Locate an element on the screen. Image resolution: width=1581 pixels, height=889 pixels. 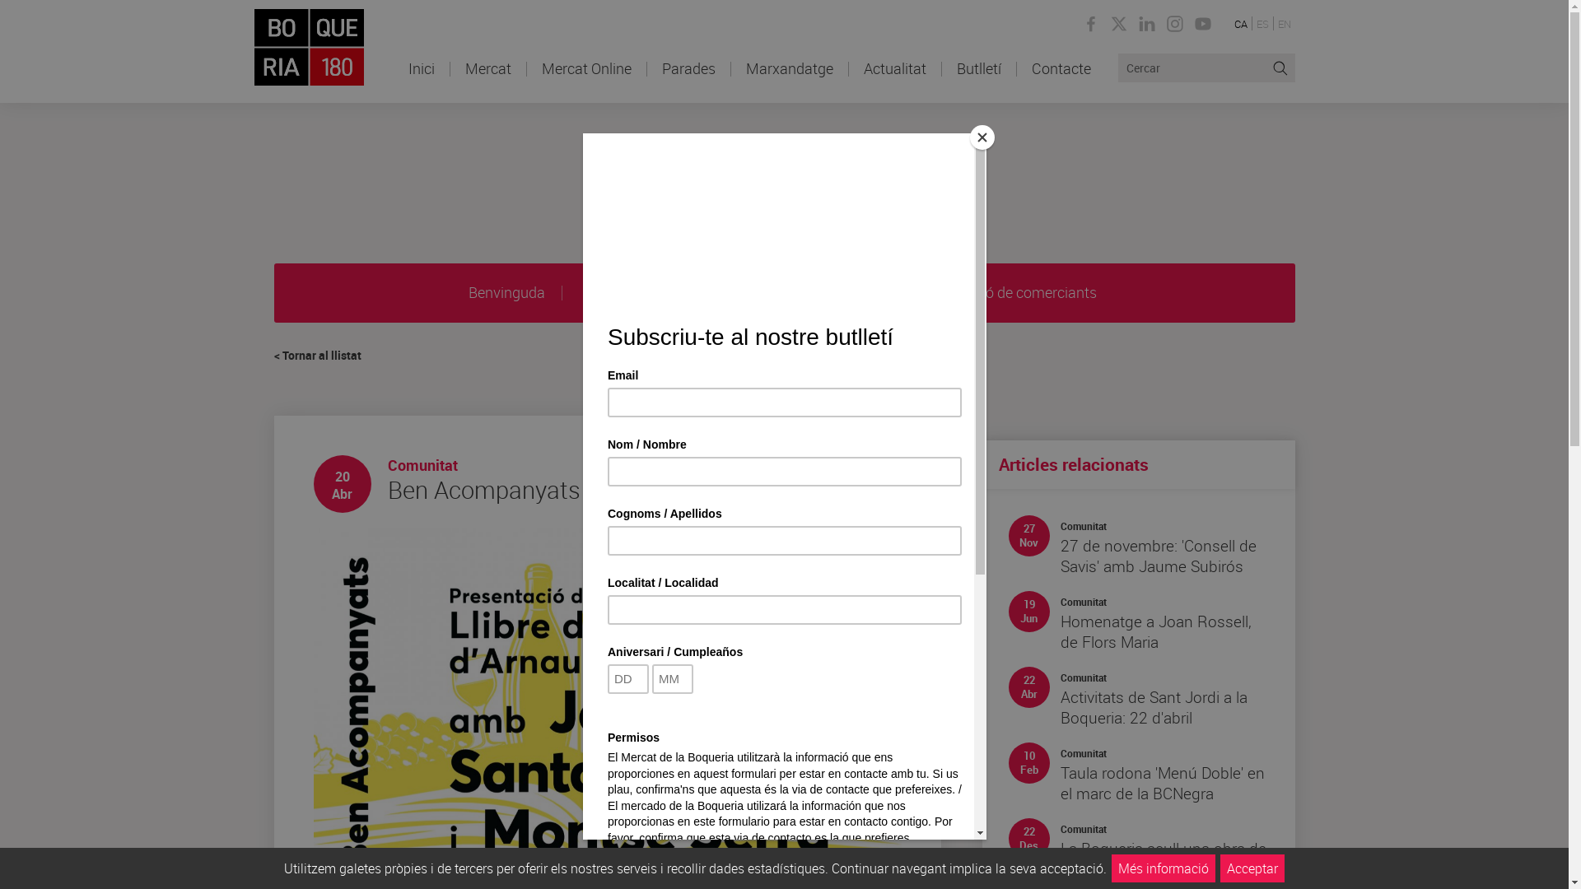
'Serveis del mercat' is located at coordinates (639, 291).